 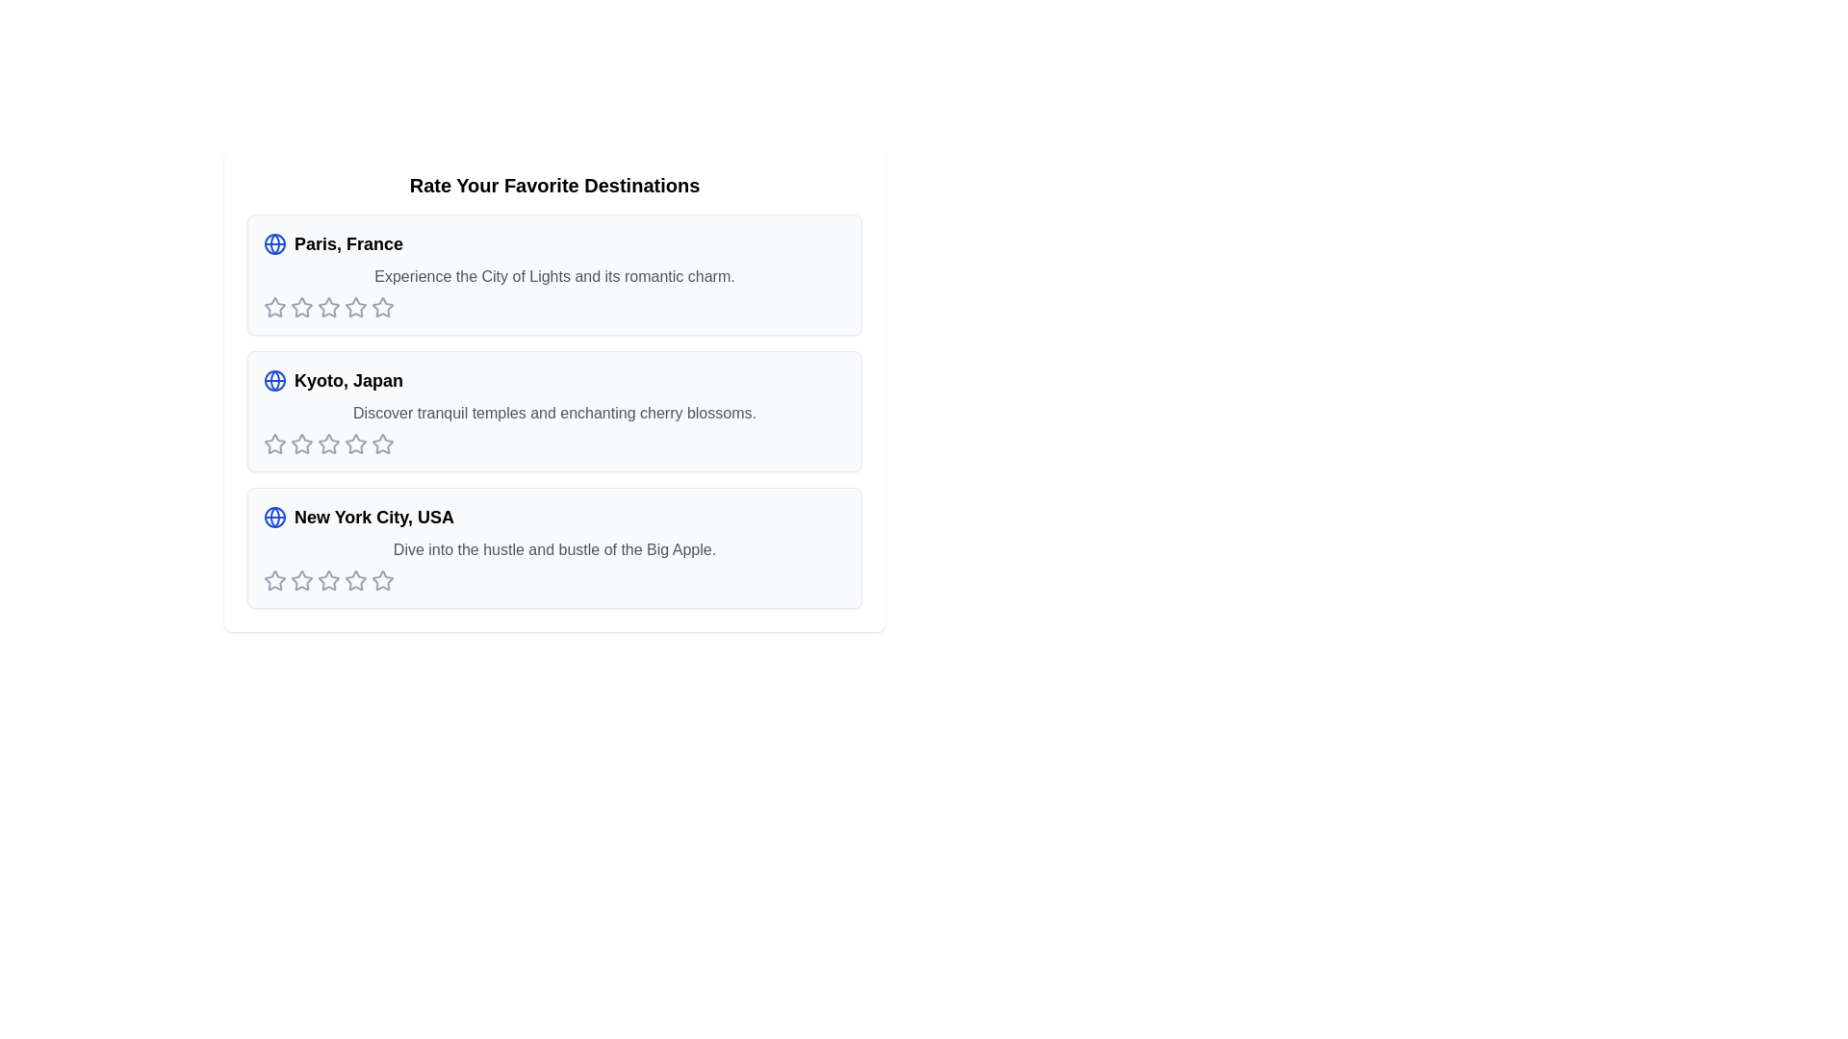 What do you see at coordinates (383, 579) in the screenshot?
I see `the fifth star icon for rating located beneath the 'New York City, USA' section` at bounding box center [383, 579].